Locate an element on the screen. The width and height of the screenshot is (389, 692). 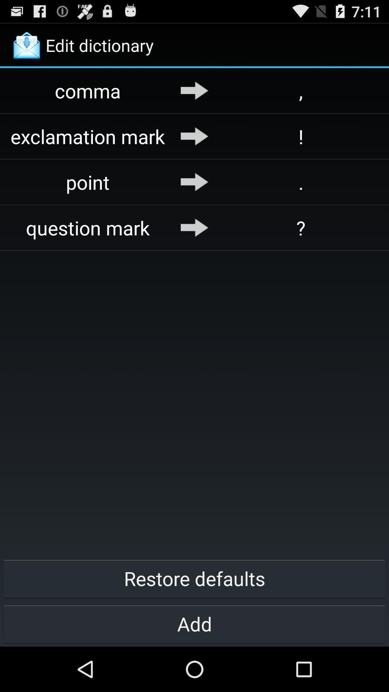
the item to the right of the comma is located at coordinates (194, 90).